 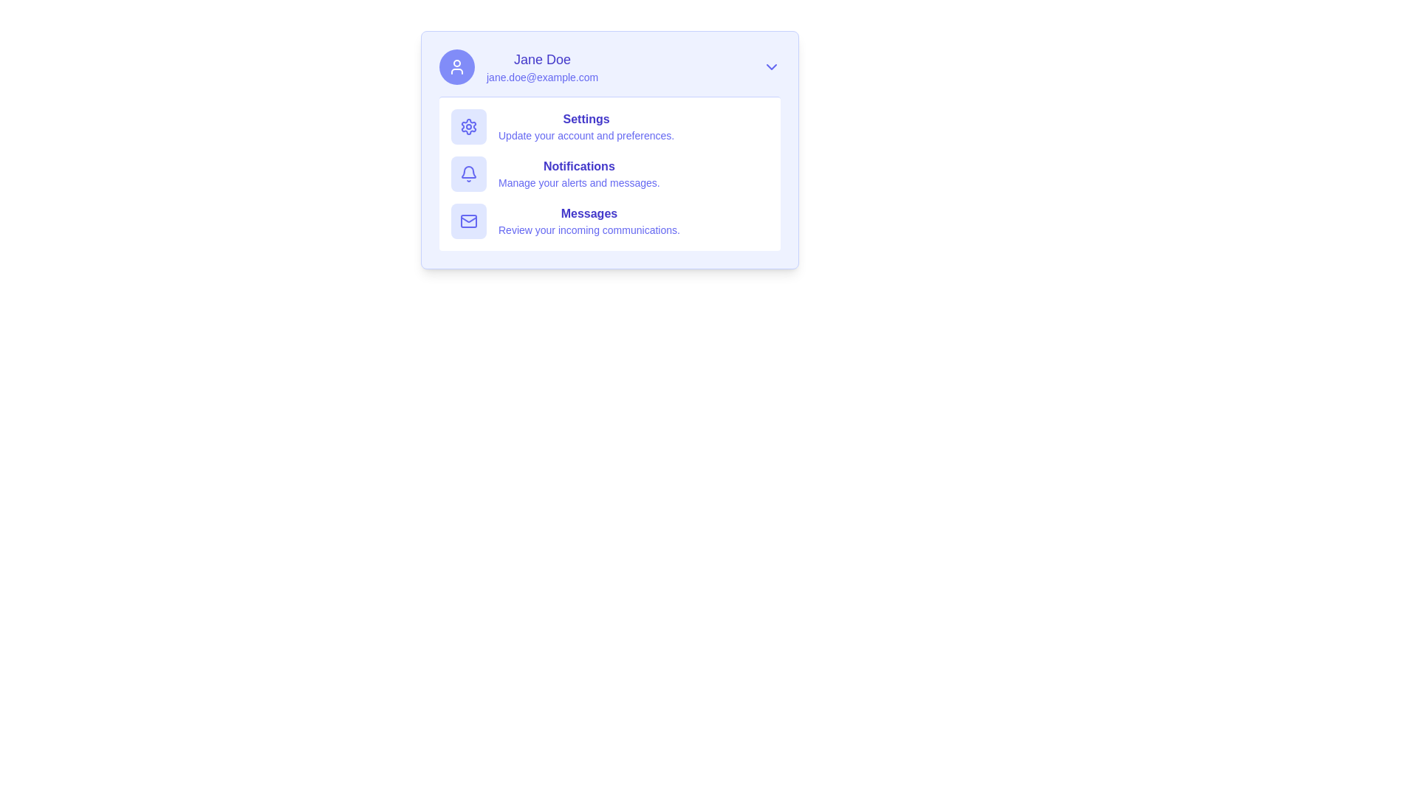 I want to click on the Text block that serves as a navigation label for accessing messages, located as the third item in the dropdown menu, so click(x=588, y=221).